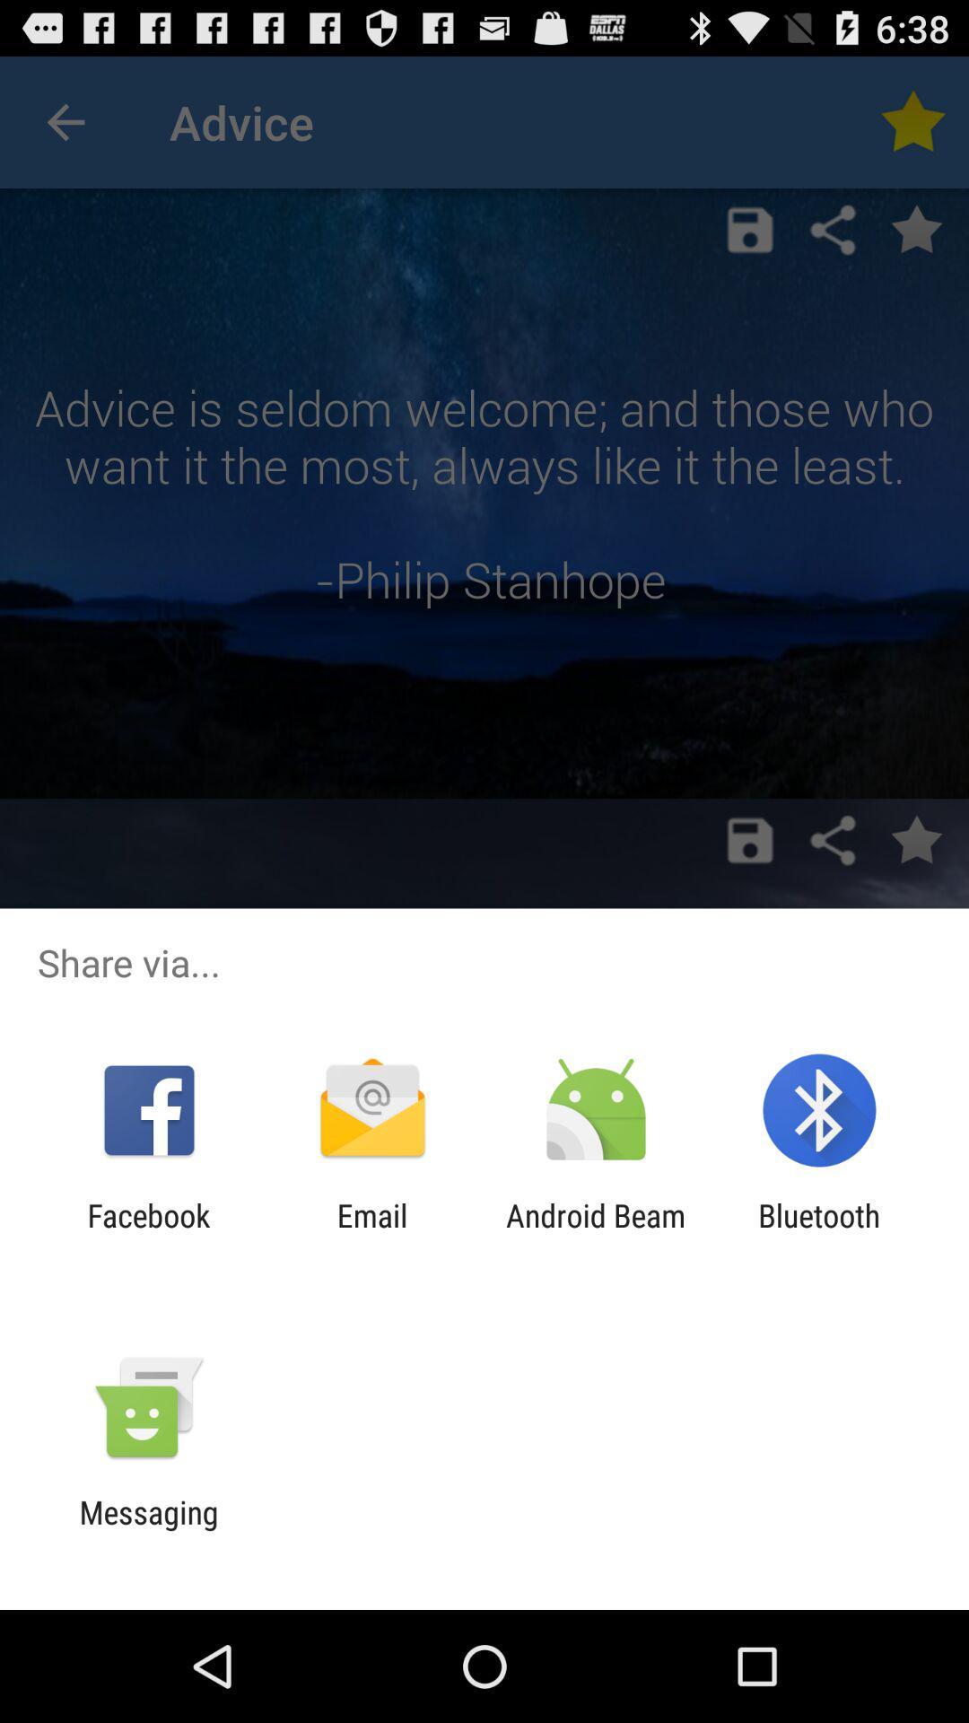 The image size is (969, 1723). Describe the element at coordinates (819, 1233) in the screenshot. I see `the bluetooth` at that location.